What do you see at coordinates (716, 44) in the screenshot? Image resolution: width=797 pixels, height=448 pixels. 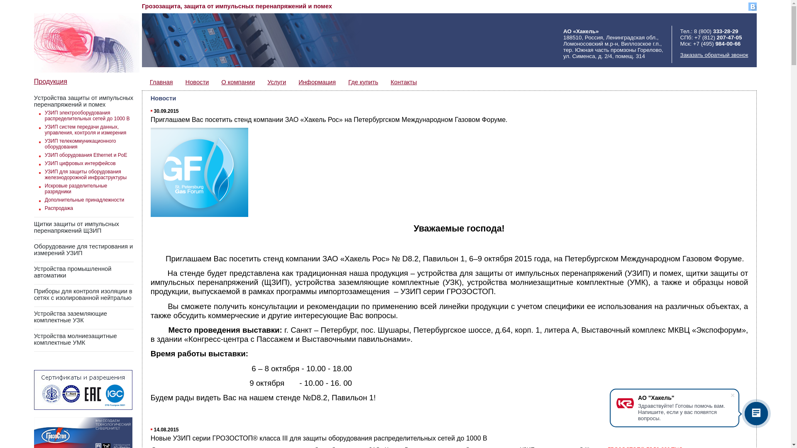 I see `'+7 (495) 984-00-66'` at bounding box center [716, 44].